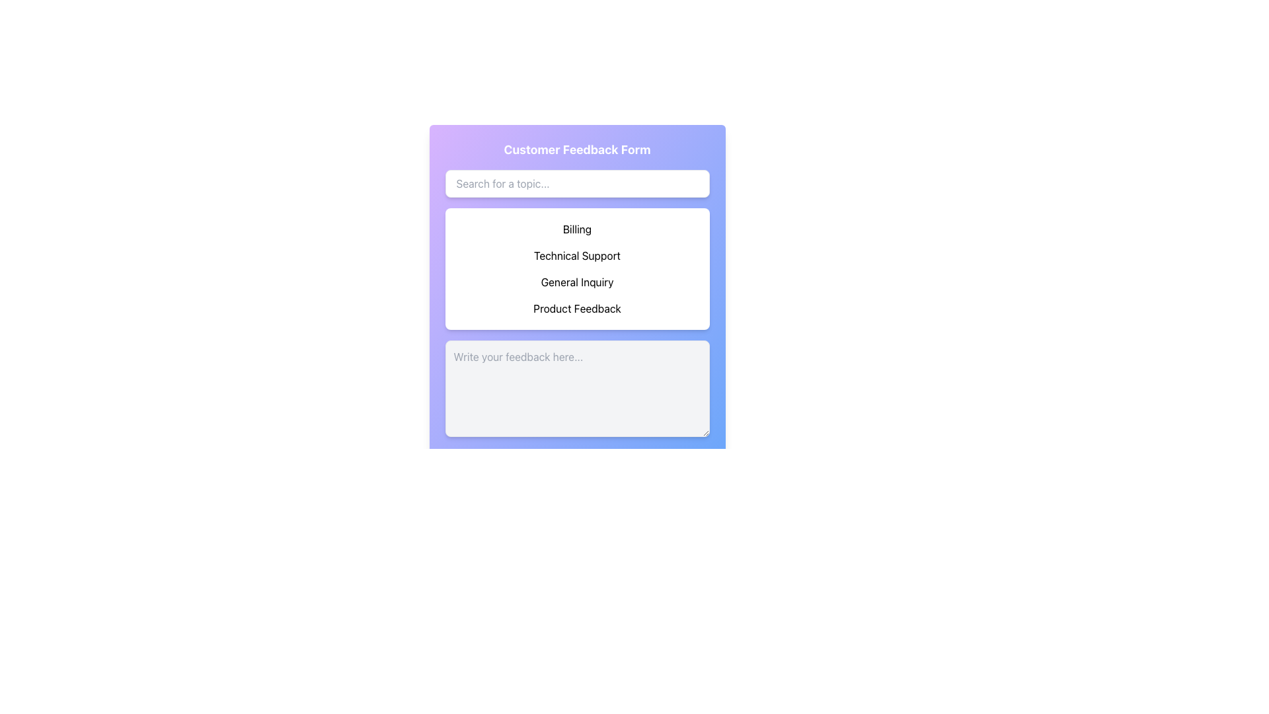 The height and width of the screenshot is (714, 1269). Describe the element at coordinates (577, 229) in the screenshot. I see `the first selectable list item for billing inquiries located below the search bar` at that location.